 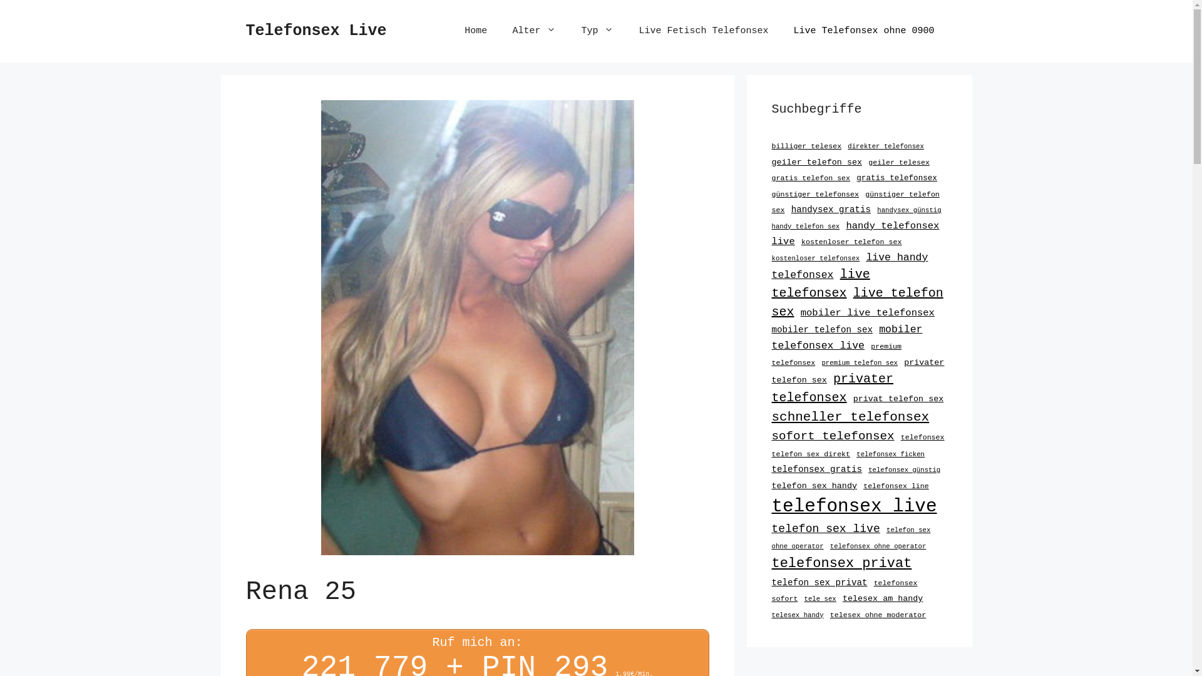 What do you see at coordinates (832, 387) in the screenshot?
I see `'privater telefonsex'` at bounding box center [832, 387].